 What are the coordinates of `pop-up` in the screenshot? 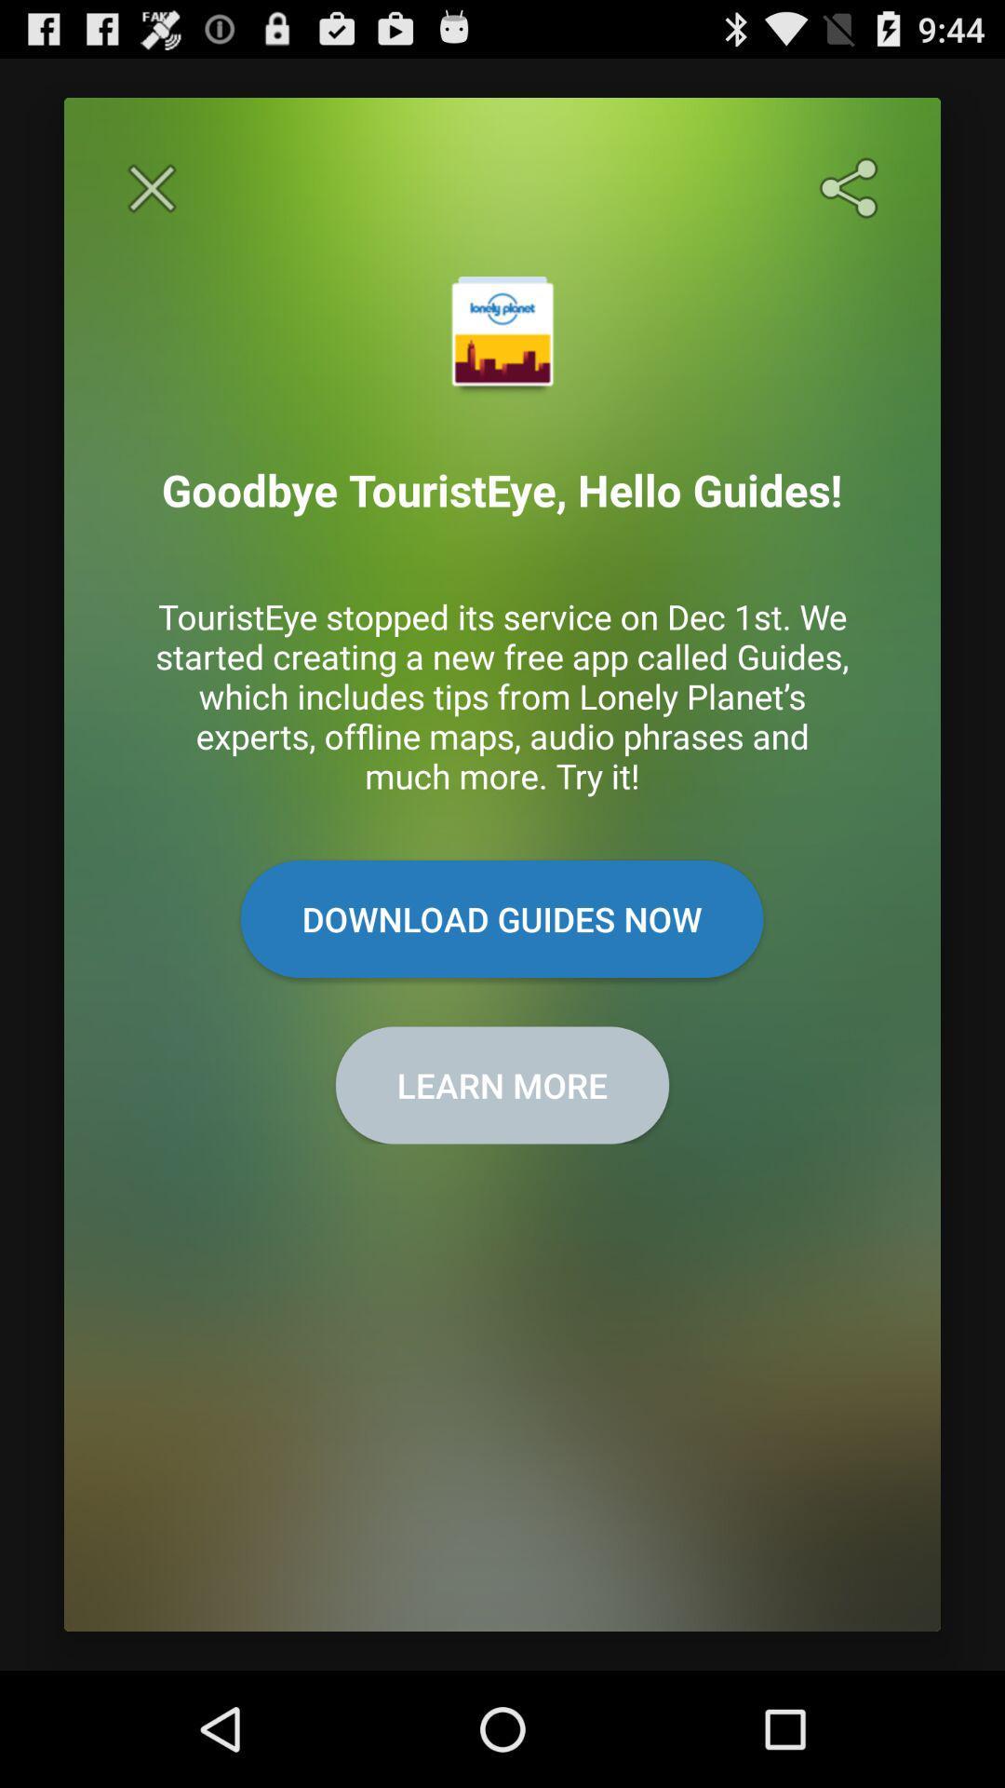 It's located at (151, 188).